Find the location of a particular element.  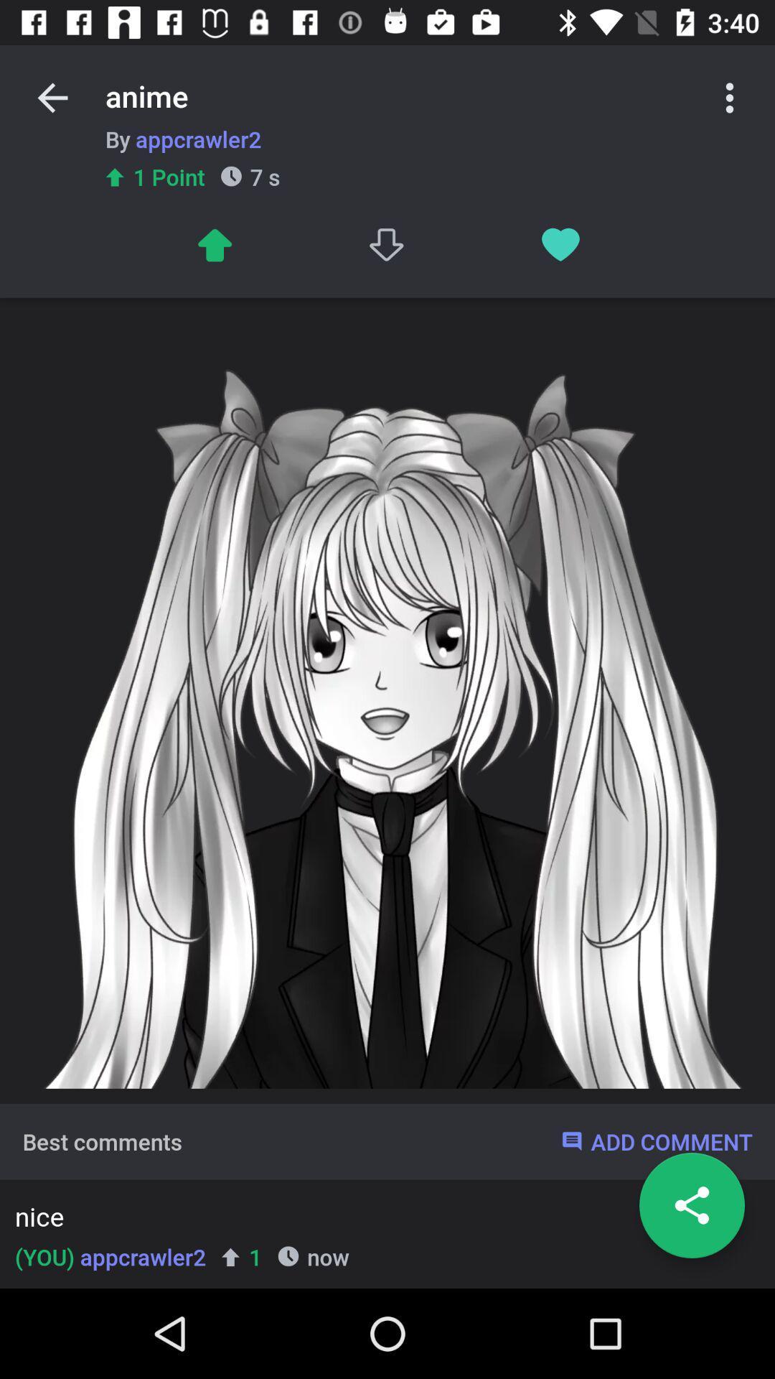

go back is located at coordinates (52, 97).